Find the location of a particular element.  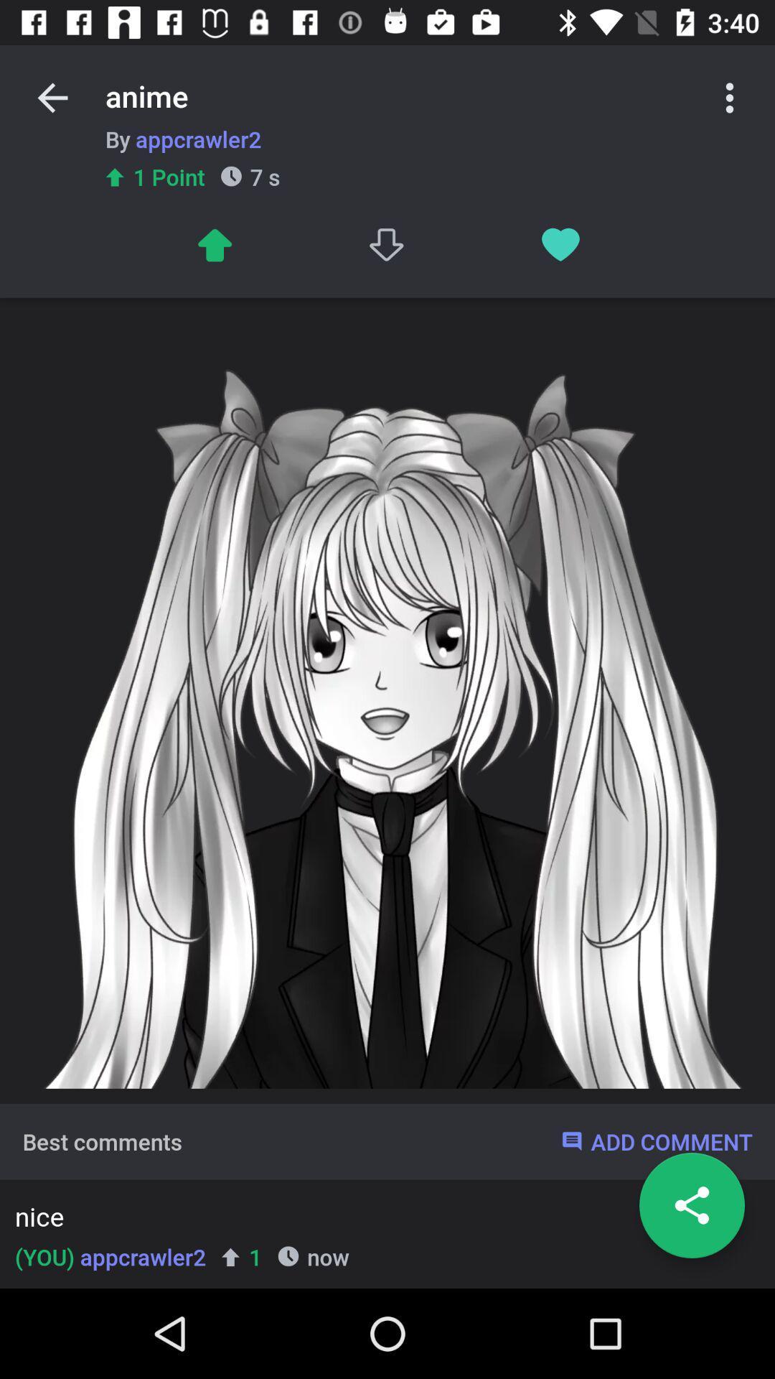

go back is located at coordinates (52, 97).